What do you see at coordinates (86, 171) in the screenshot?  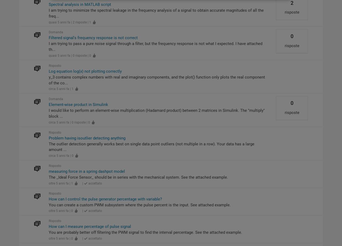 I see `'measuring force in a spring dashpot model'` at bounding box center [86, 171].